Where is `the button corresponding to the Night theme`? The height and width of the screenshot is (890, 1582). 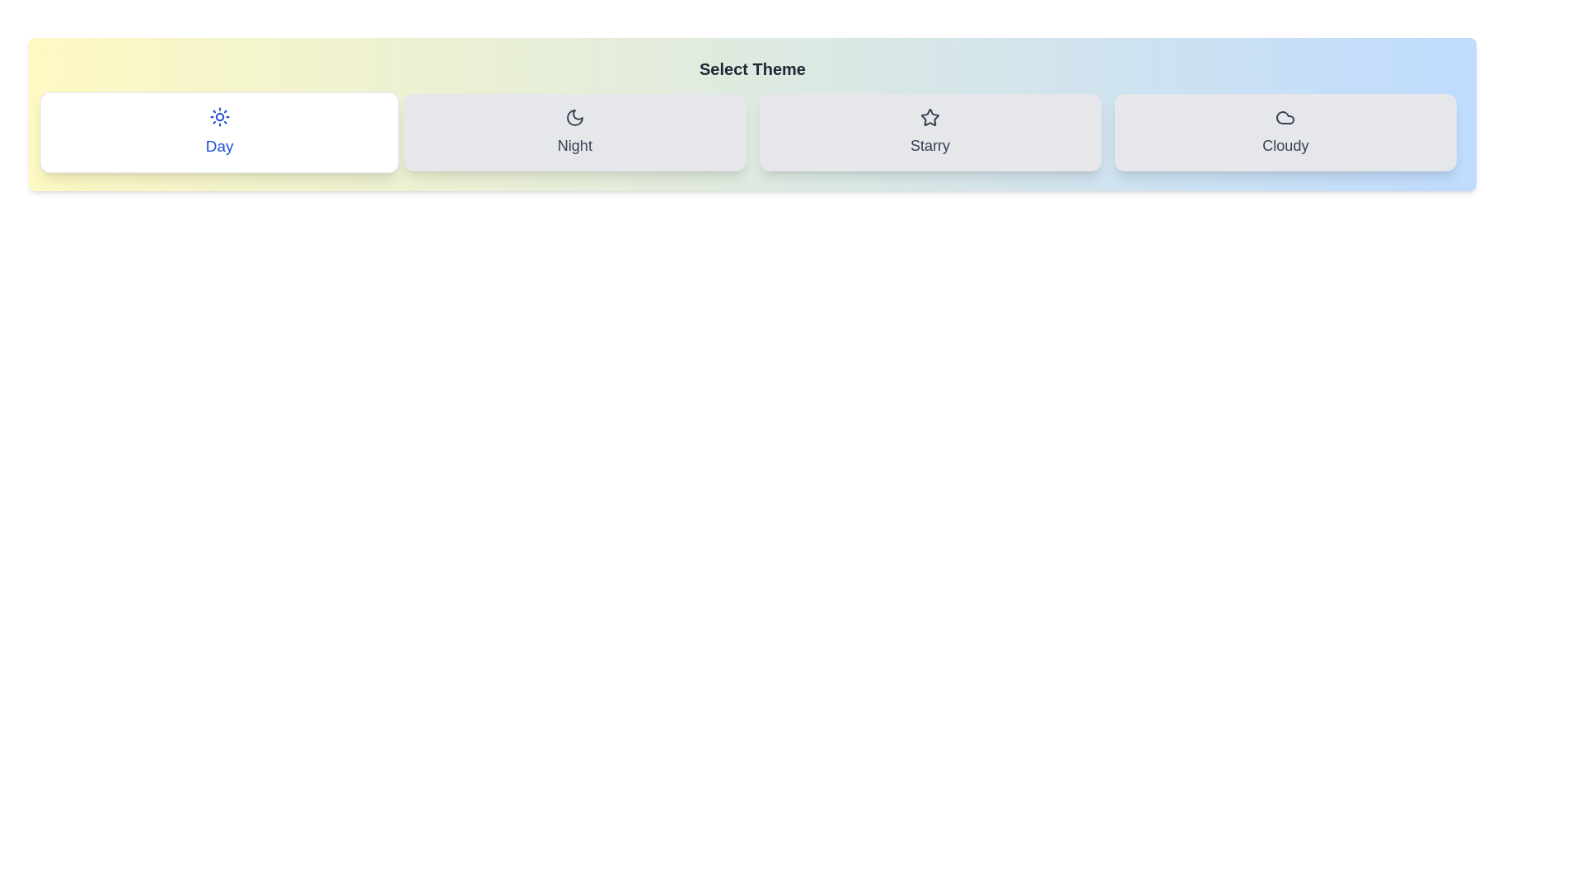 the button corresponding to the Night theme is located at coordinates (574, 132).